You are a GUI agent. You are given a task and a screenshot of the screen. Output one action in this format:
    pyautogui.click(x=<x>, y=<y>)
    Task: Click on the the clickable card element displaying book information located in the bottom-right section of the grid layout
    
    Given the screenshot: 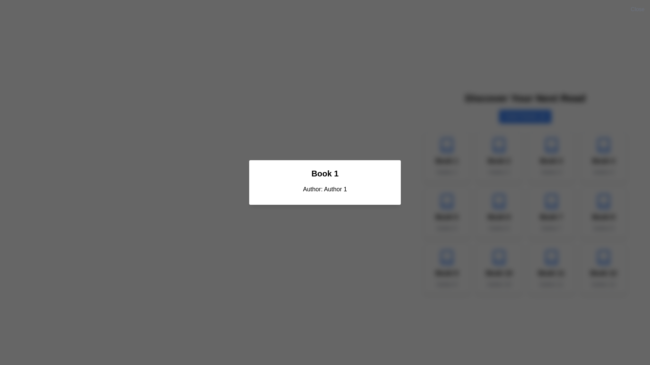 What is the action you would take?
    pyautogui.click(x=603, y=212)
    